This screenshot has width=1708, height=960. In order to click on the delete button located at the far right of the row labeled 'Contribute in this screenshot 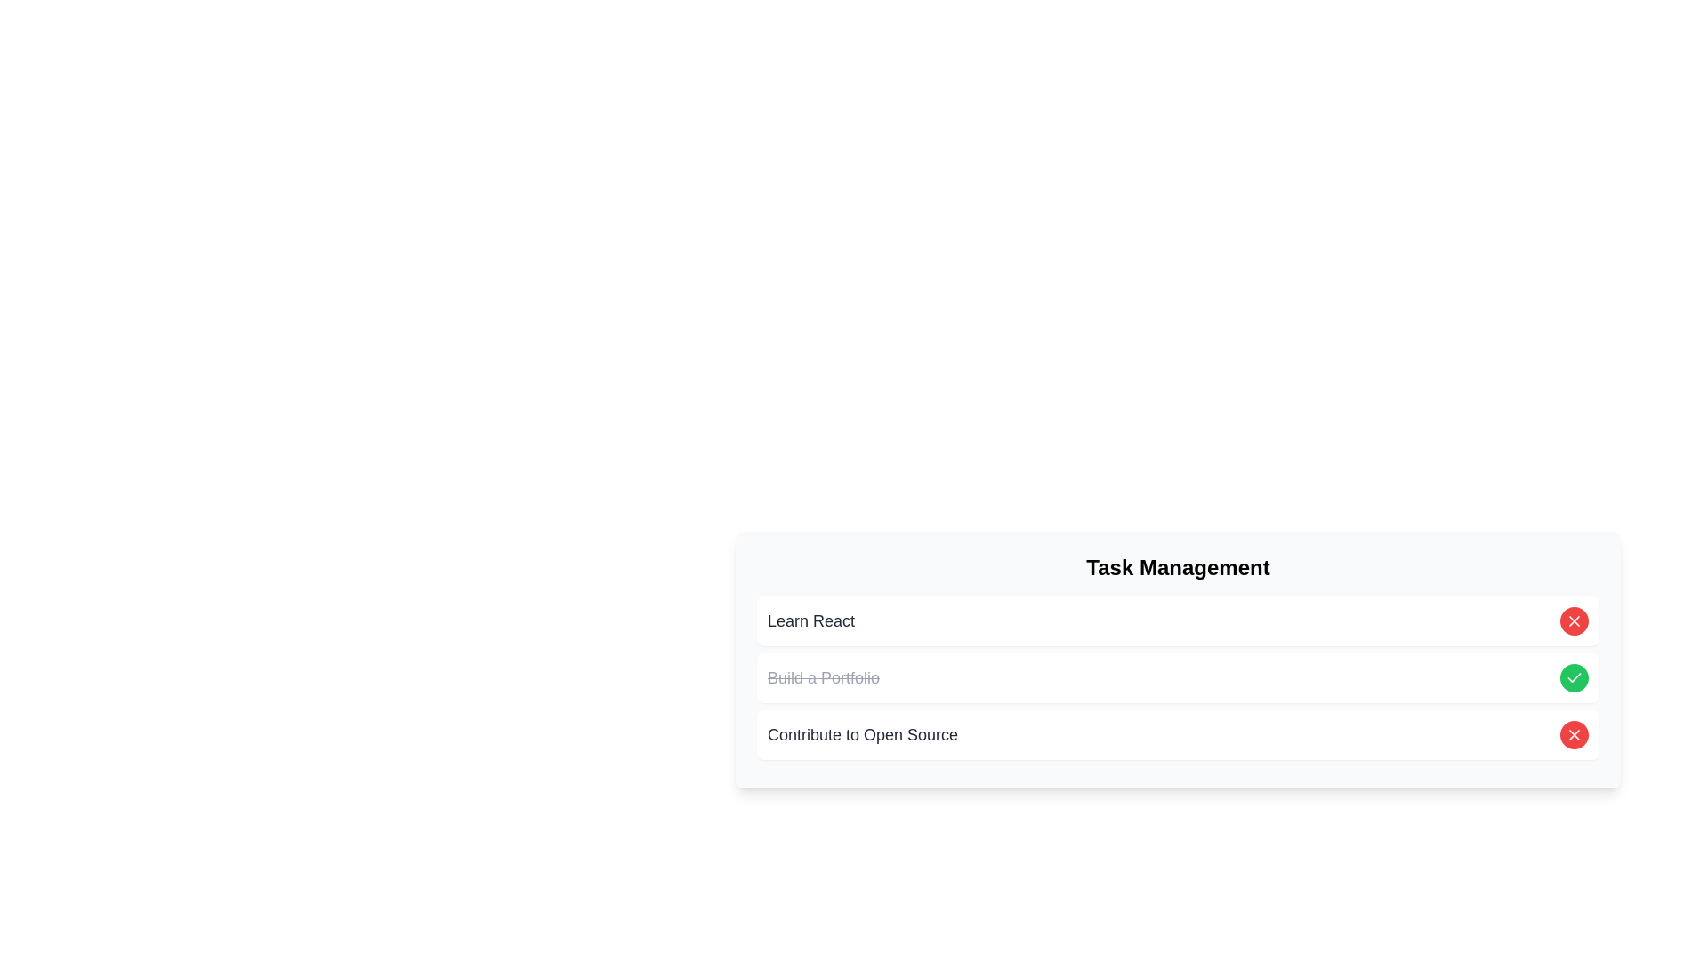, I will do `click(1575, 734)`.